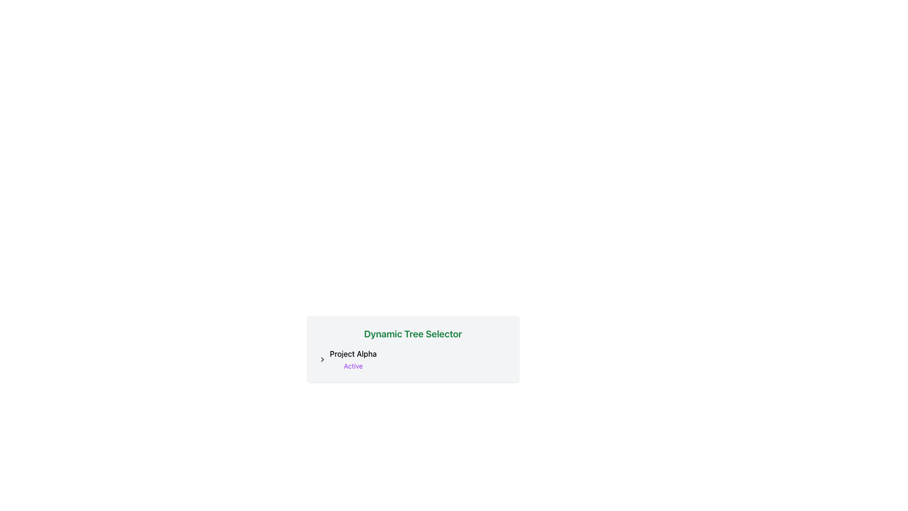 This screenshot has width=908, height=511. What do you see at coordinates (353, 366) in the screenshot?
I see `the text label 'Active' that is displayed in purple, located beneath 'Project Alpha' in the Dynamic Tree Selector interface` at bounding box center [353, 366].